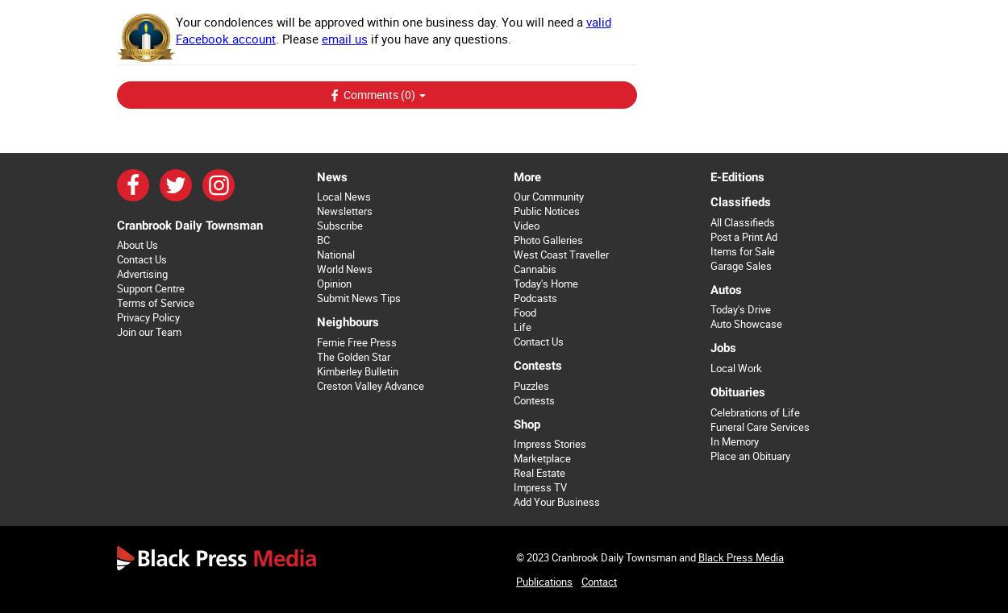 The height and width of the screenshot is (613, 1008). Describe the element at coordinates (525, 226) in the screenshot. I see `'Video'` at that location.